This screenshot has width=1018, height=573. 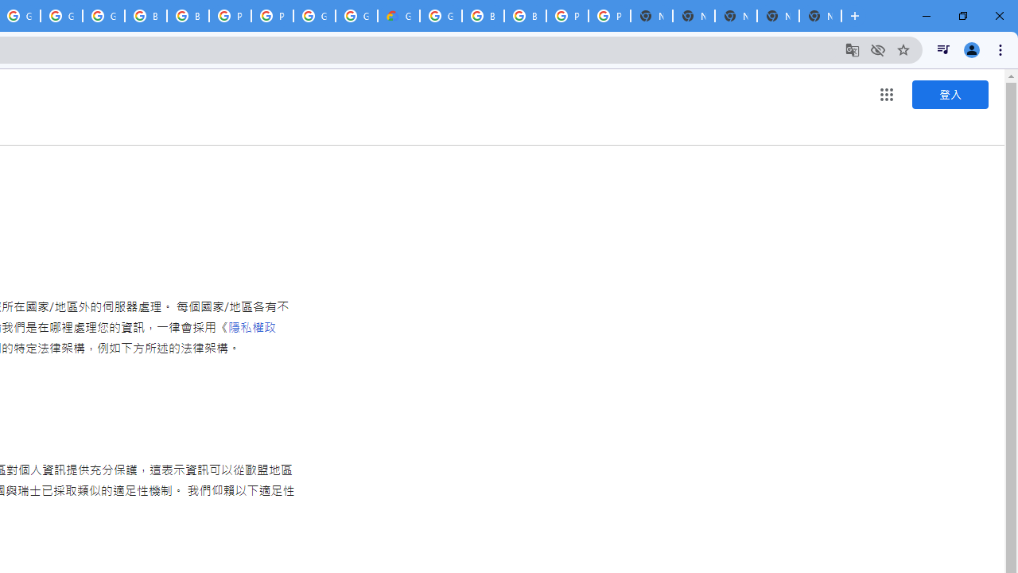 I want to click on 'New Tab', so click(x=820, y=16).